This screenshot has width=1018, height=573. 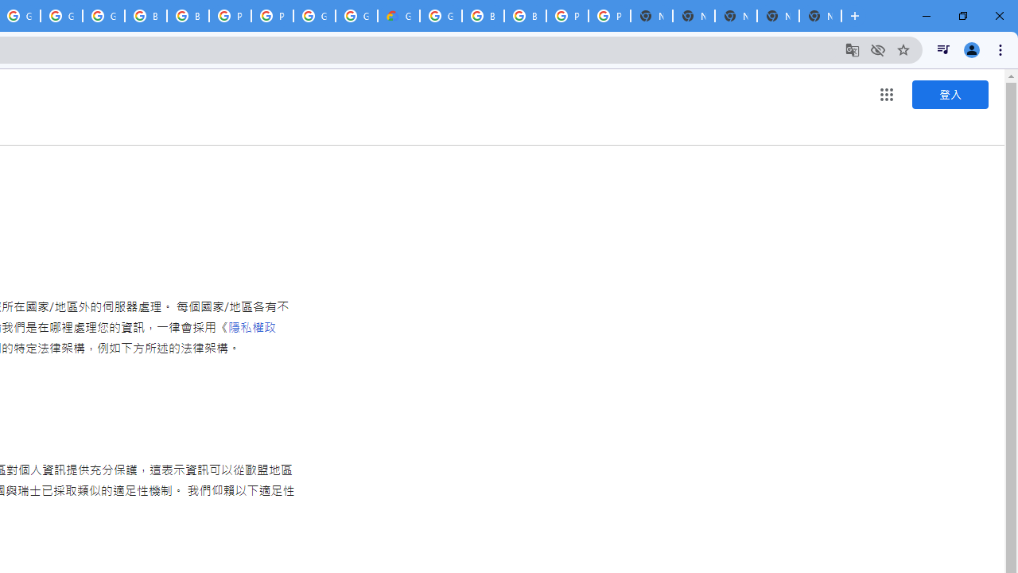 I want to click on 'New Tab', so click(x=820, y=16).